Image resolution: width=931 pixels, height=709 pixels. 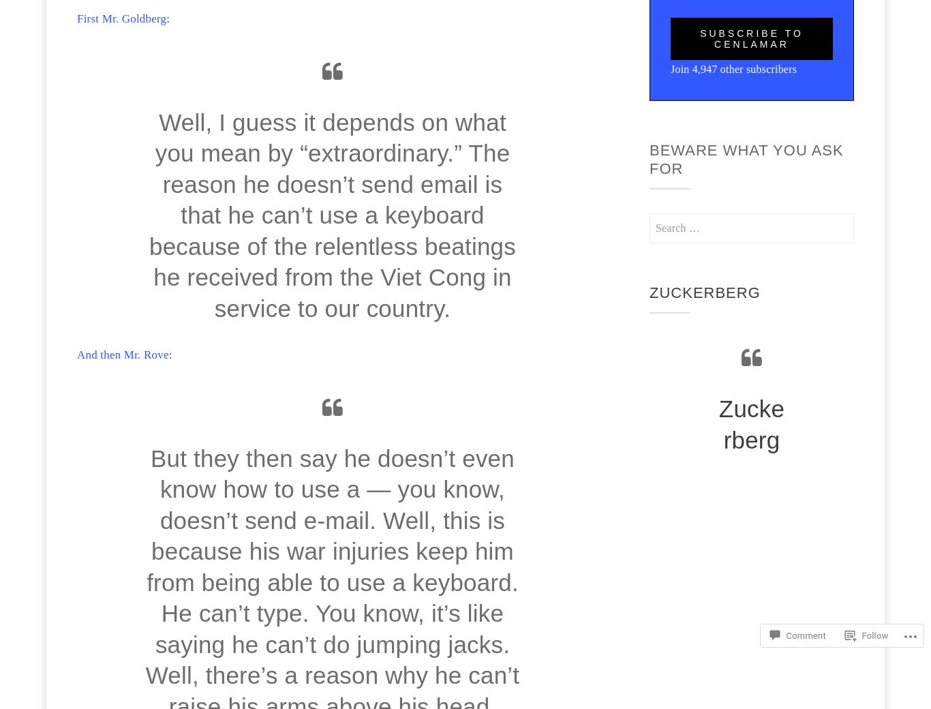 I want to click on 'And then Mr. Rove', so click(x=122, y=354).